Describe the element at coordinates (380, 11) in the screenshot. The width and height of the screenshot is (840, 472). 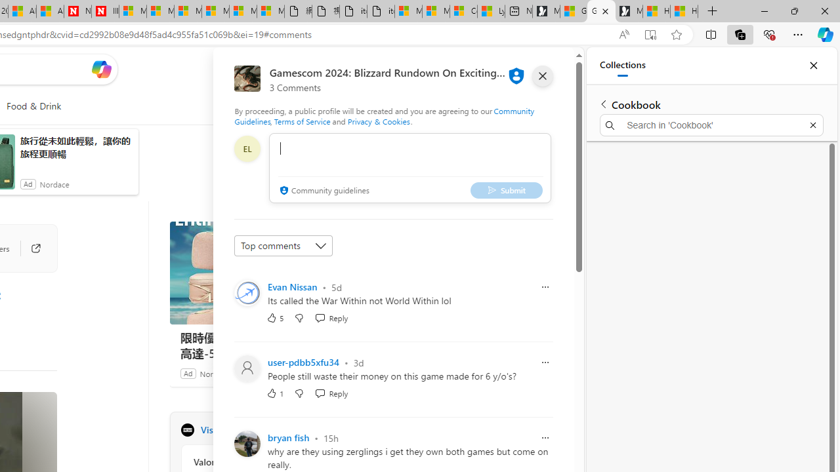
I see `'itconcepthk.com/projector_solutions.mp4'` at that location.